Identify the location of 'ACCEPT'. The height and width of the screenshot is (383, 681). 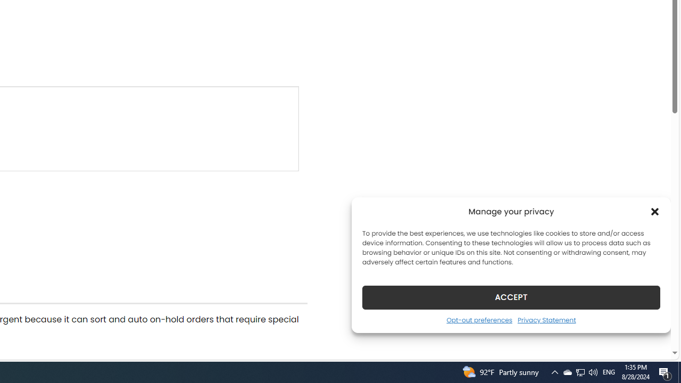
(511, 297).